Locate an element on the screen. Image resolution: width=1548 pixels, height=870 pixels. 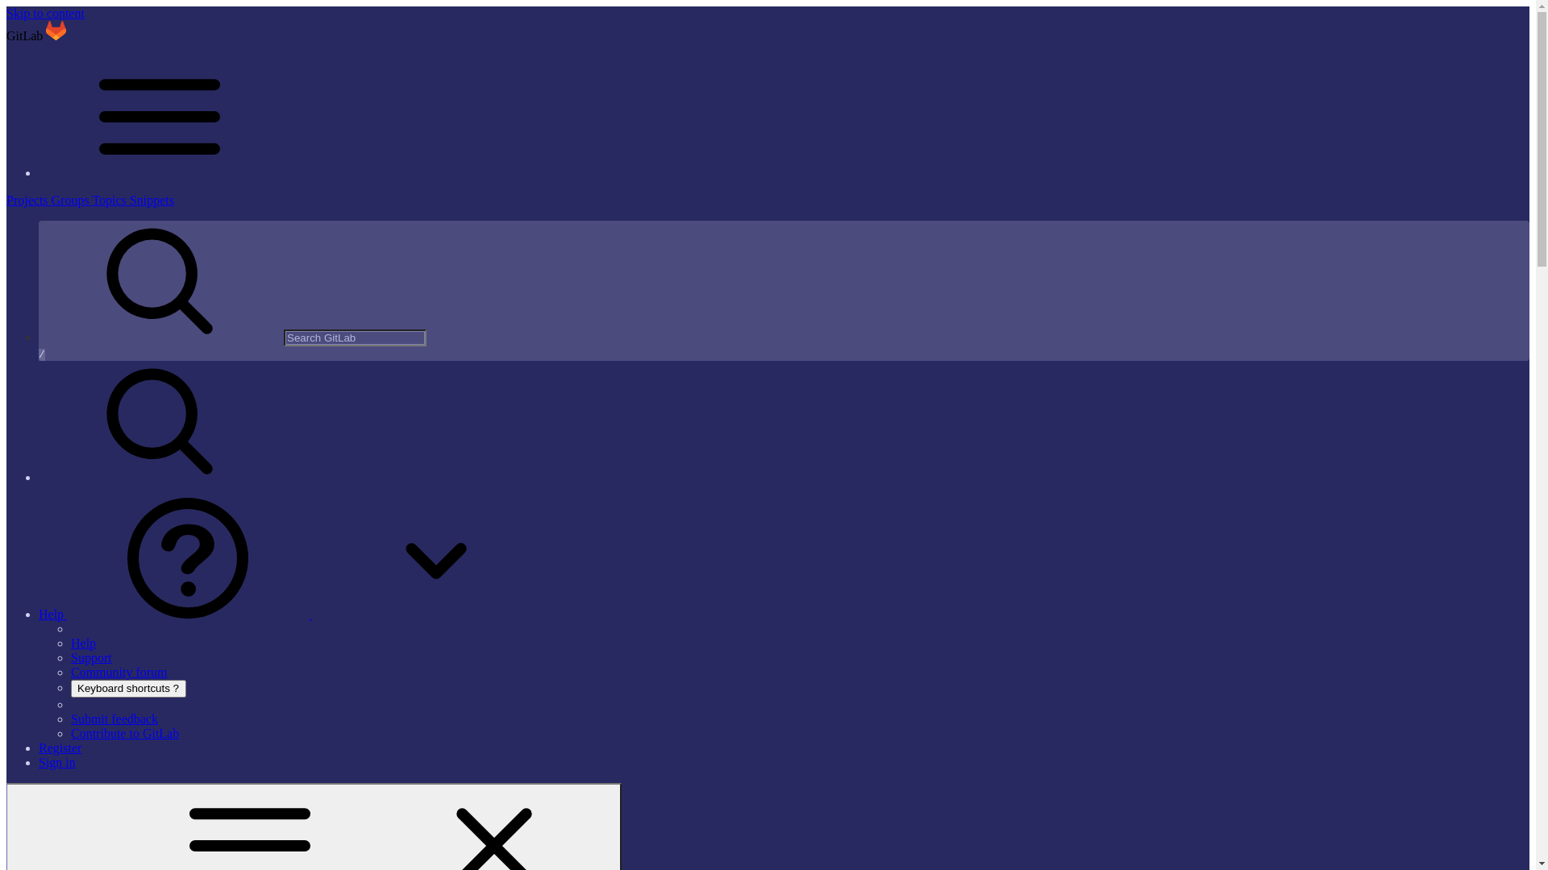
'Keyboard shortcuts ?' is located at coordinates (69, 689).